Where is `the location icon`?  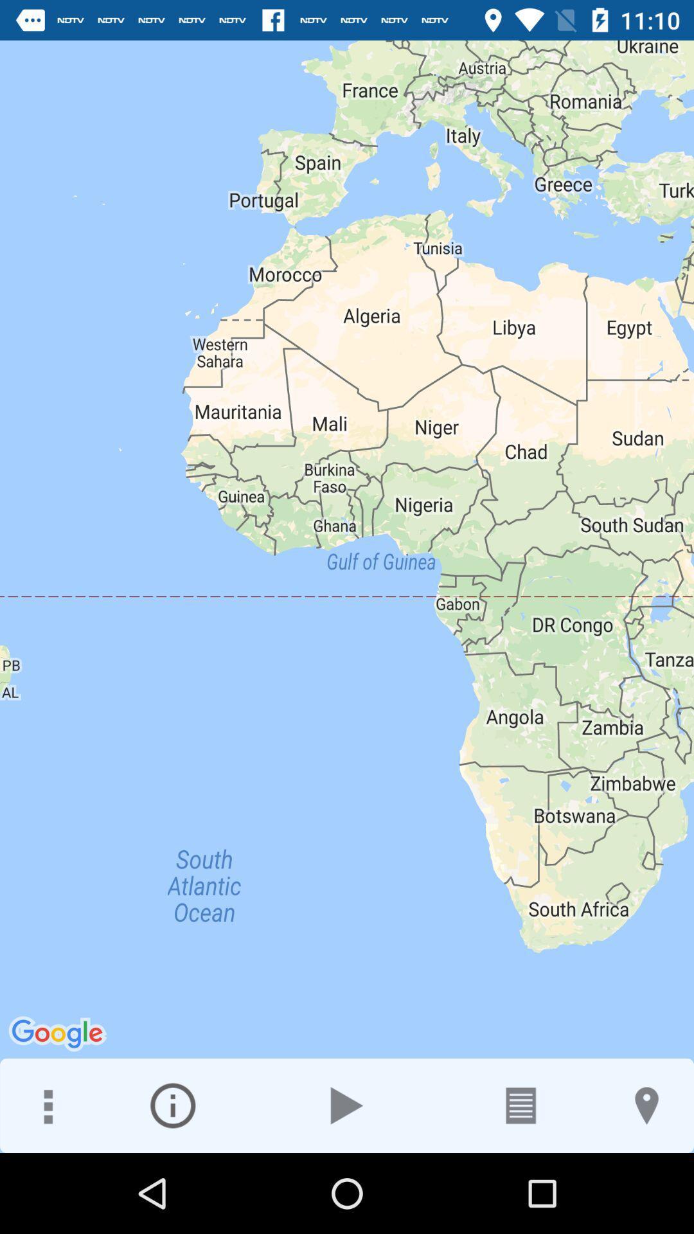 the location icon is located at coordinates (646, 1105).